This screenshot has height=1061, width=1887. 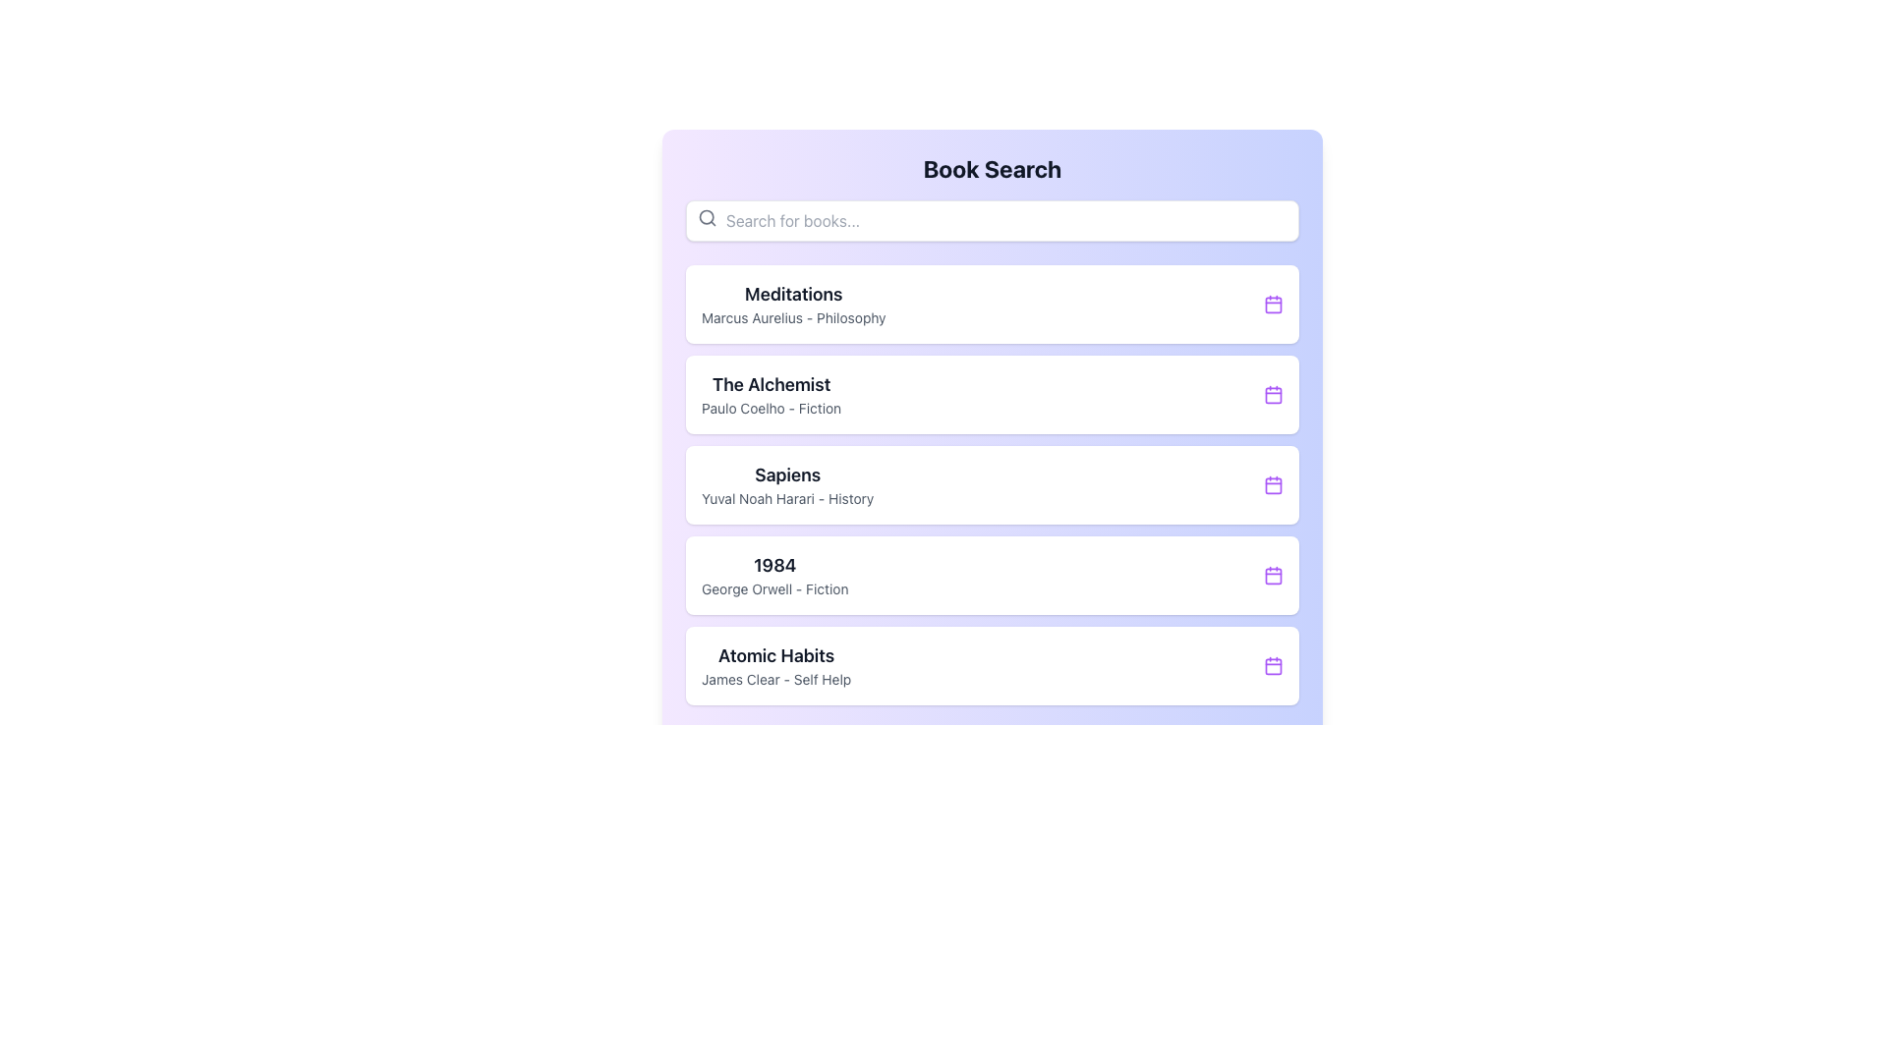 I want to click on the purple calendar icon located to the right of the 'Sapiens' card in the list of items, so click(x=1274, y=484).